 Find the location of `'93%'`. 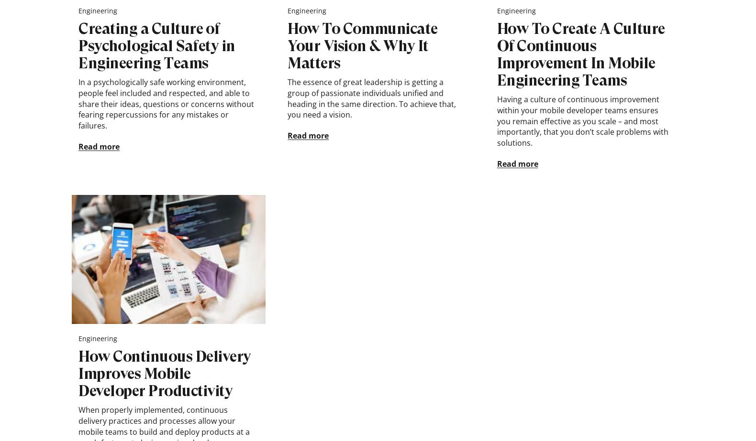

'93%' is located at coordinates (626, 32).